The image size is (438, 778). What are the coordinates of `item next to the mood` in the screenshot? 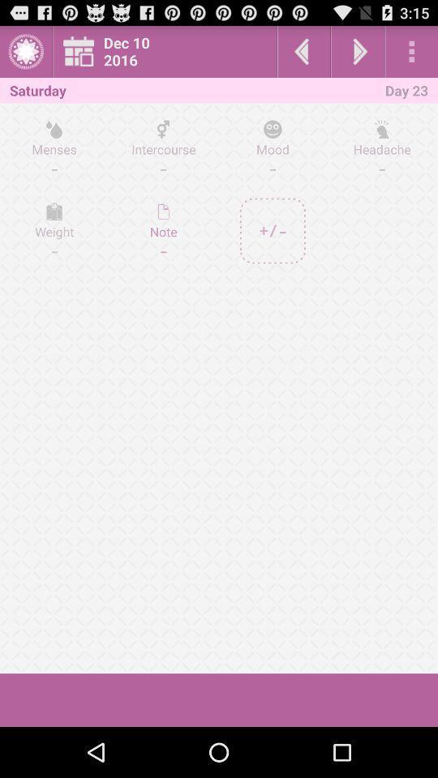 It's located at (163, 230).